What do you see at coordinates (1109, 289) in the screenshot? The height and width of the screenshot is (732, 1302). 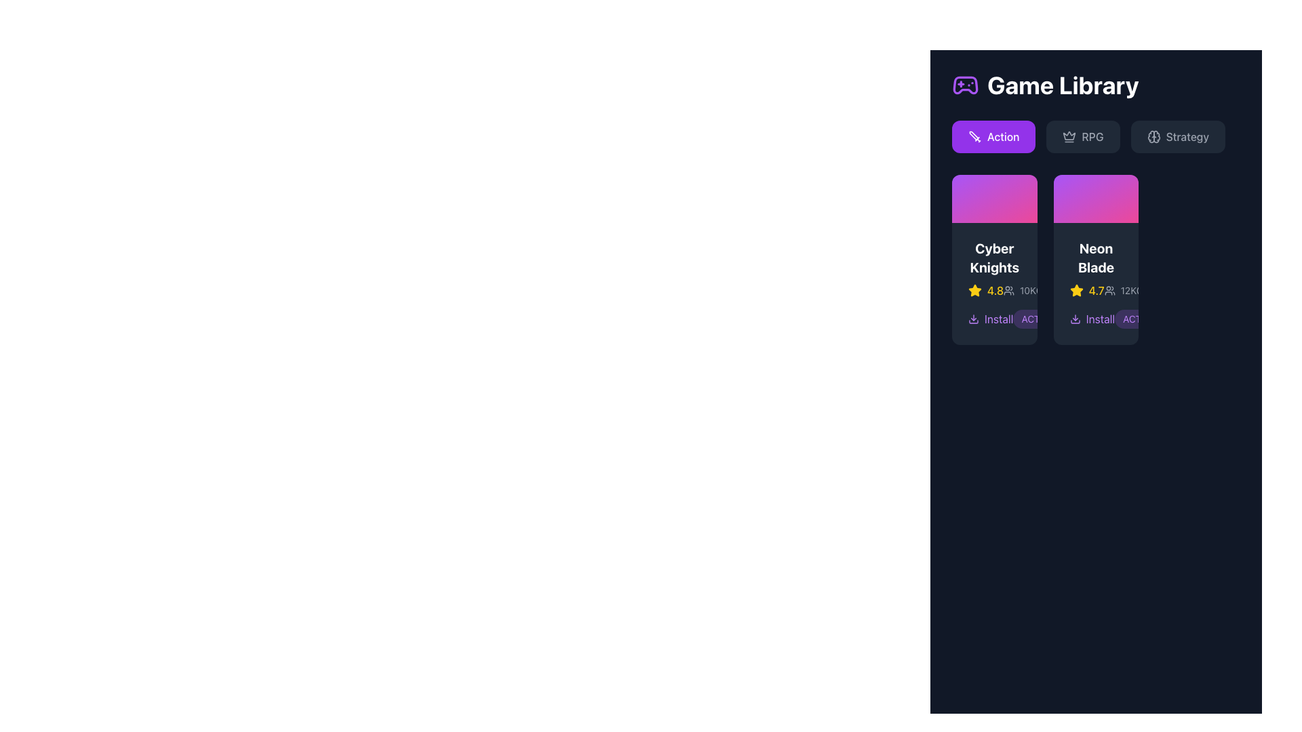 I see `the user-related information icon located to the left of the text '12K' within the 'Neon Blade' card` at bounding box center [1109, 289].